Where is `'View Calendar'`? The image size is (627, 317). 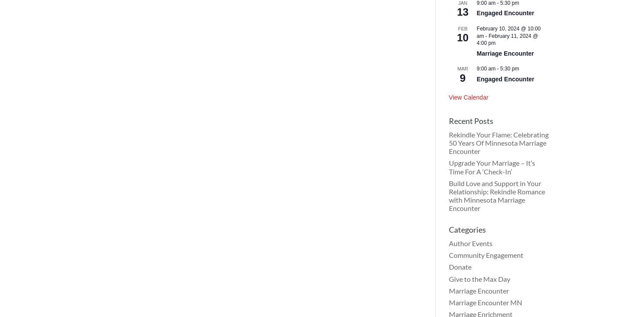 'View Calendar' is located at coordinates (468, 97).